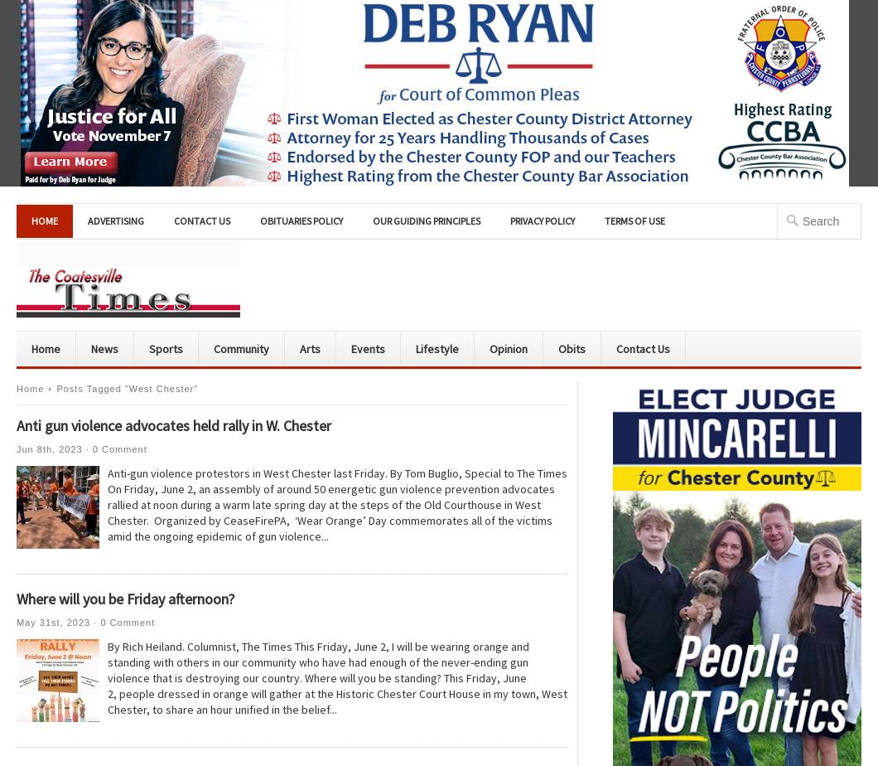 This screenshot has width=878, height=766. What do you see at coordinates (58, 623) in the screenshot?
I see `'May 31st, 2023 ·'` at bounding box center [58, 623].